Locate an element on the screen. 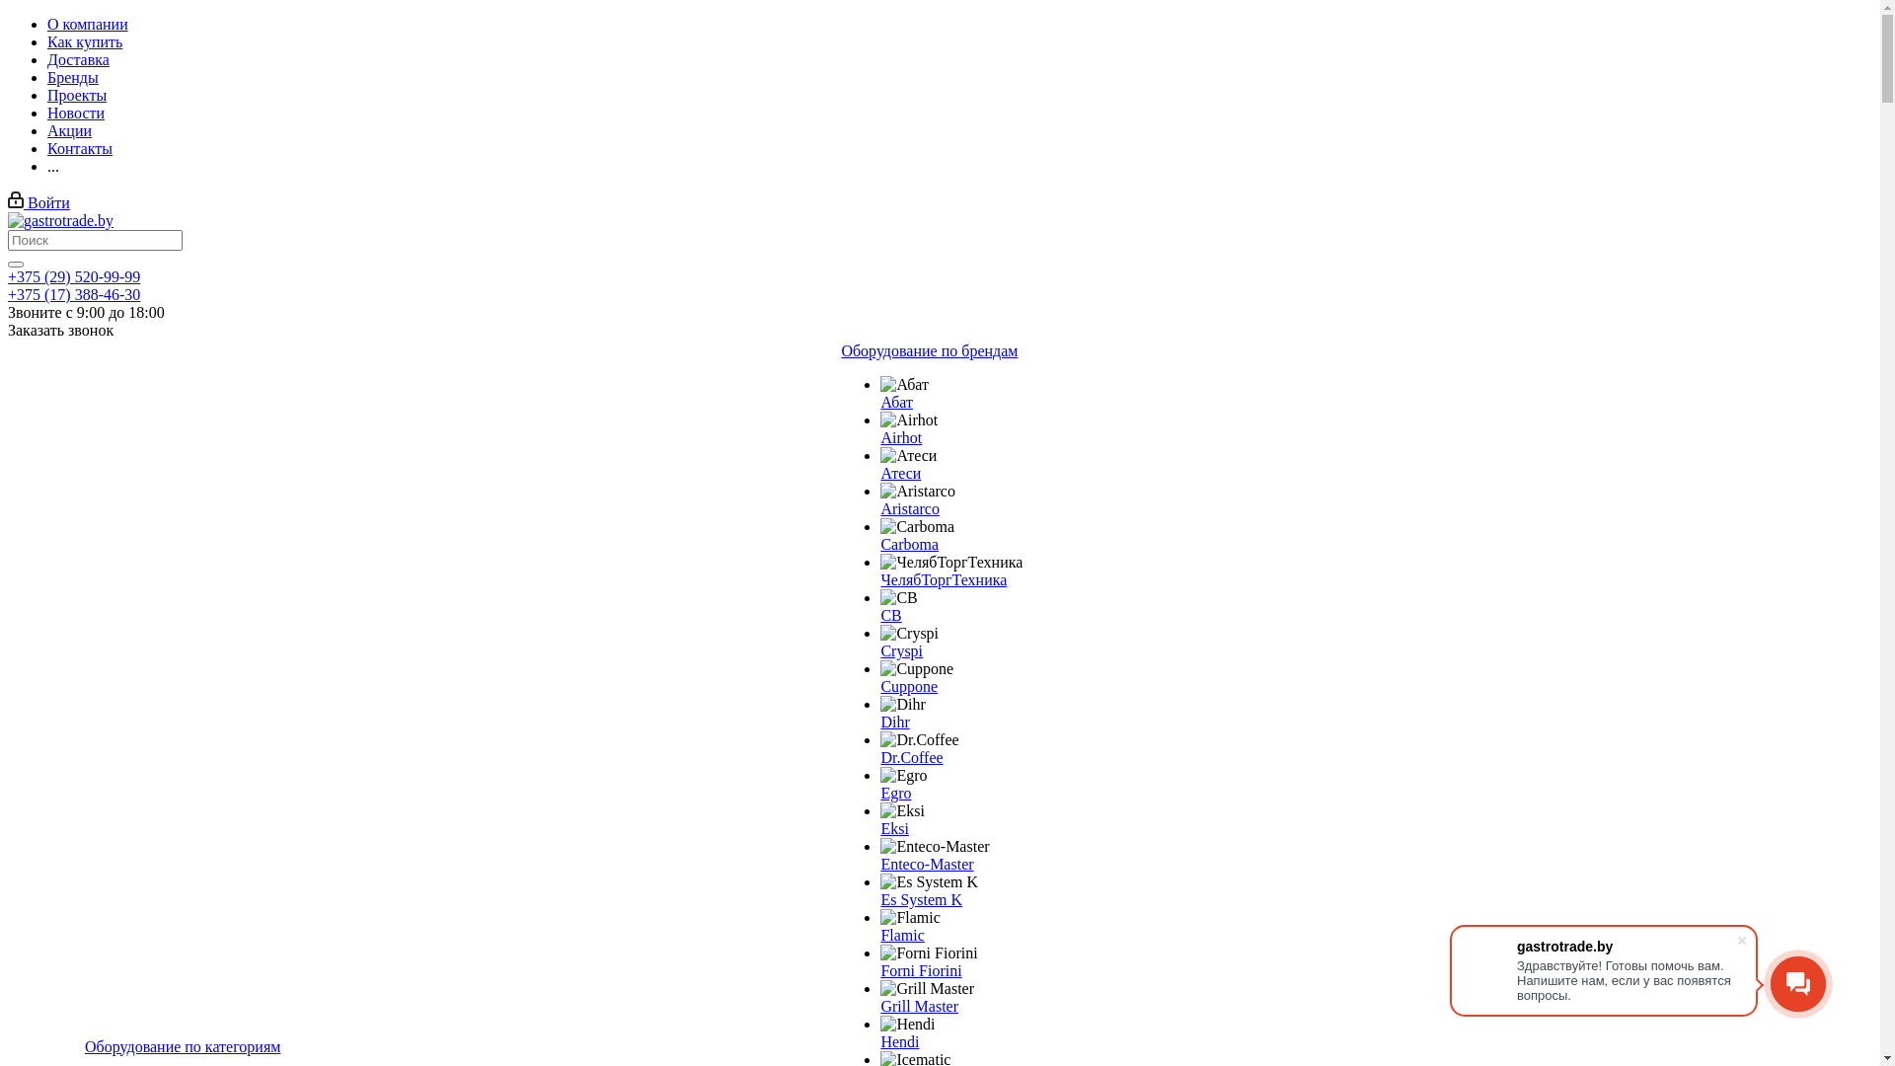 Image resolution: width=1895 pixels, height=1066 pixels. 'Cuppone' is located at coordinates (916, 668).